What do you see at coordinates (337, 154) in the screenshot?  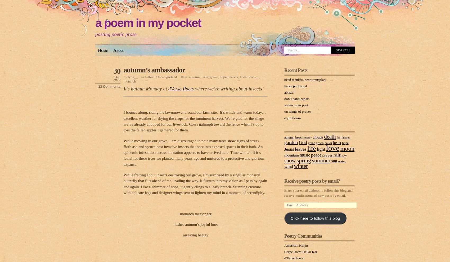 I see `'rain'` at bounding box center [337, 154].